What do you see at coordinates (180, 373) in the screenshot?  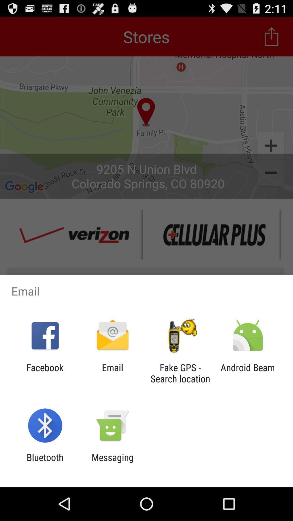 I see `icon next to the android beam` at bounding box center [180, 373].